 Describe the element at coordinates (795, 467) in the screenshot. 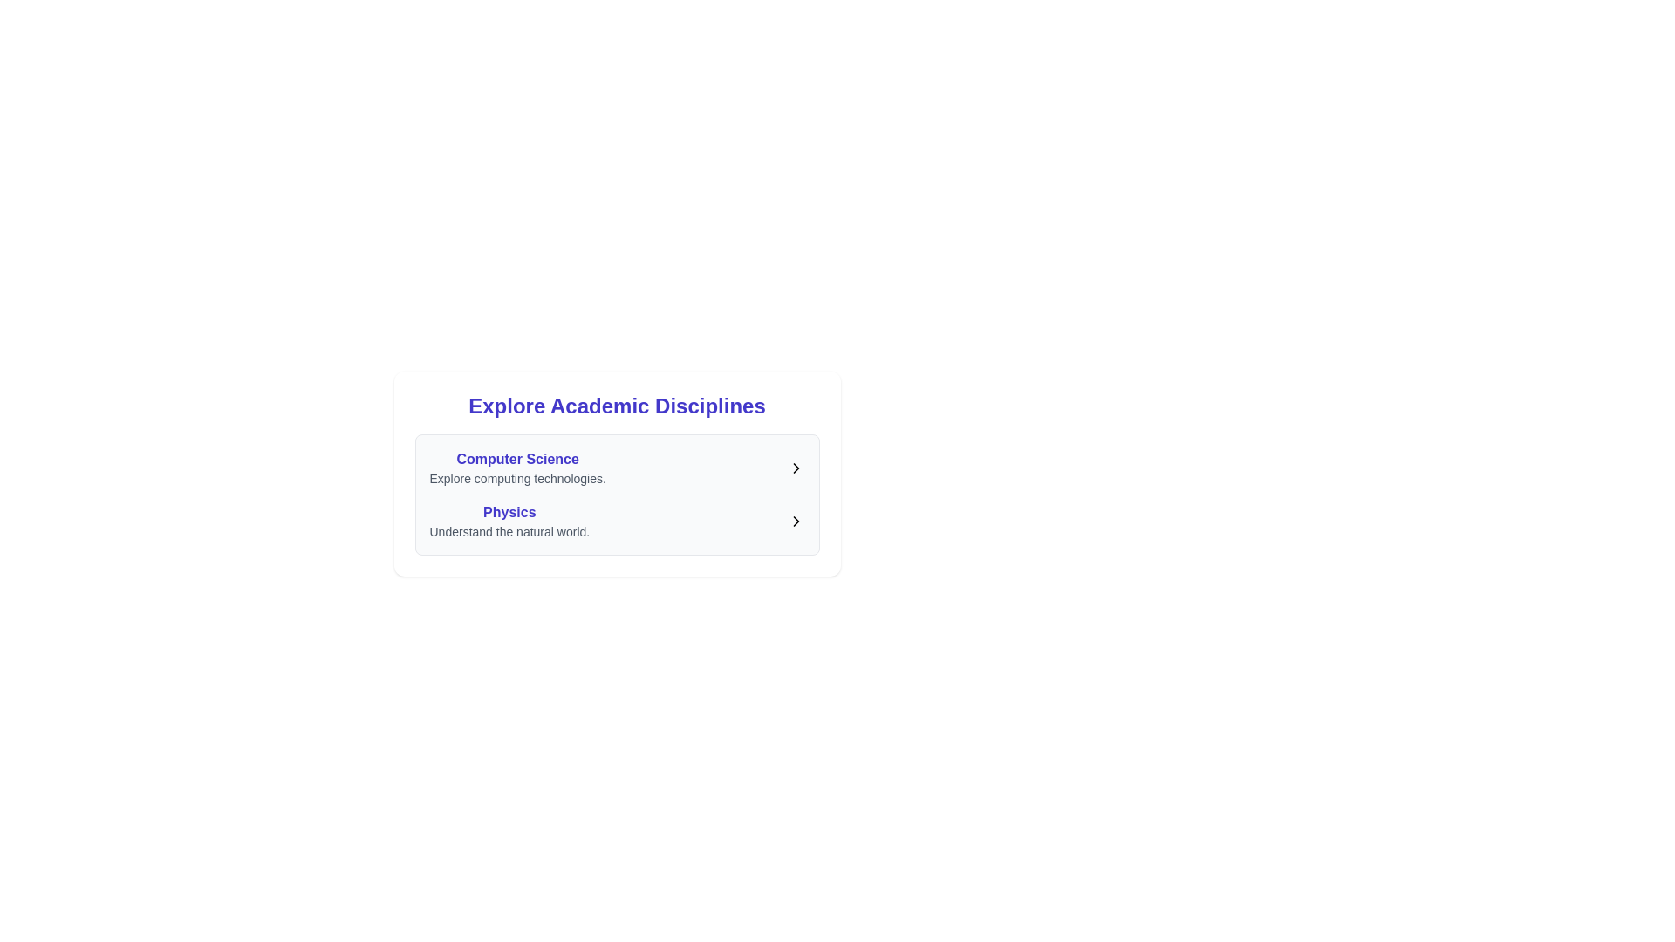

I see `the rightward-pointing chevron icon adjacent to the 'Computer Science' list entry` at that location.